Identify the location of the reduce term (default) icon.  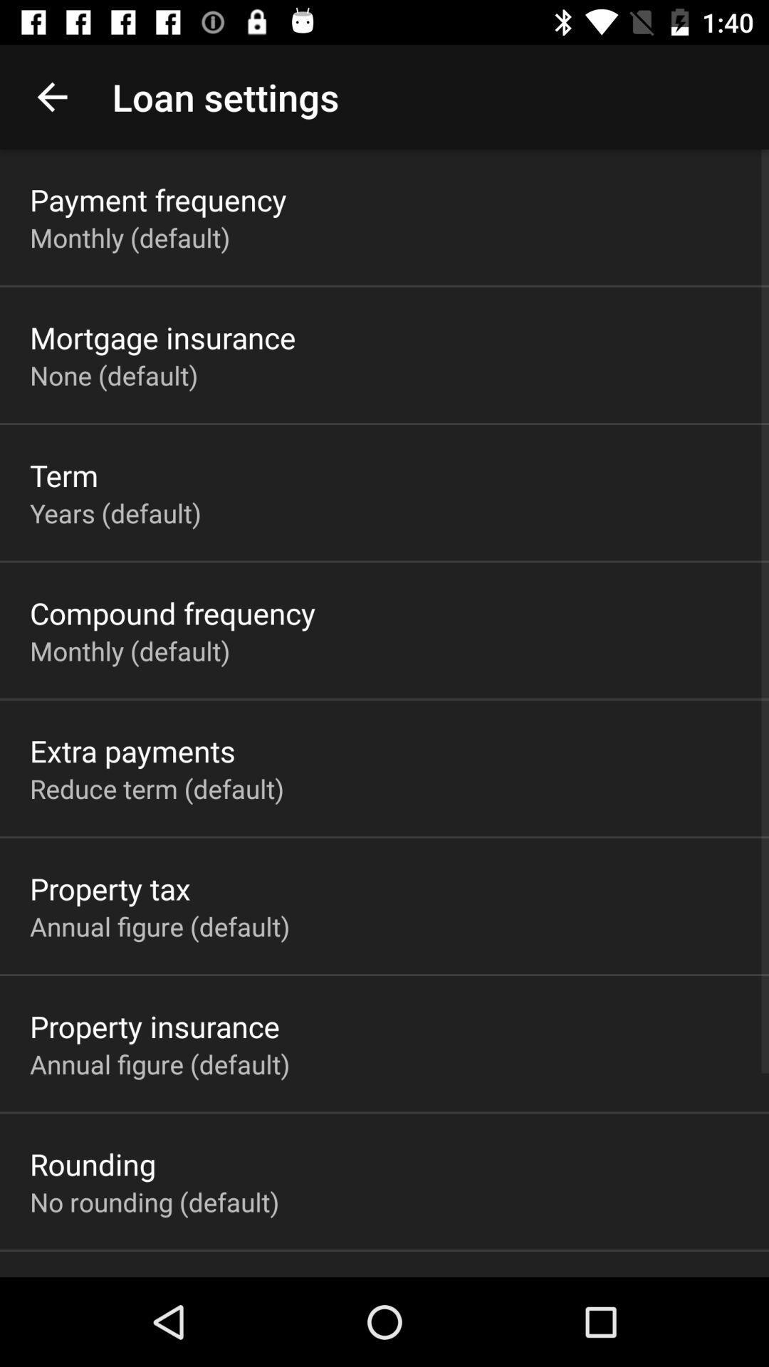
(157, 787).